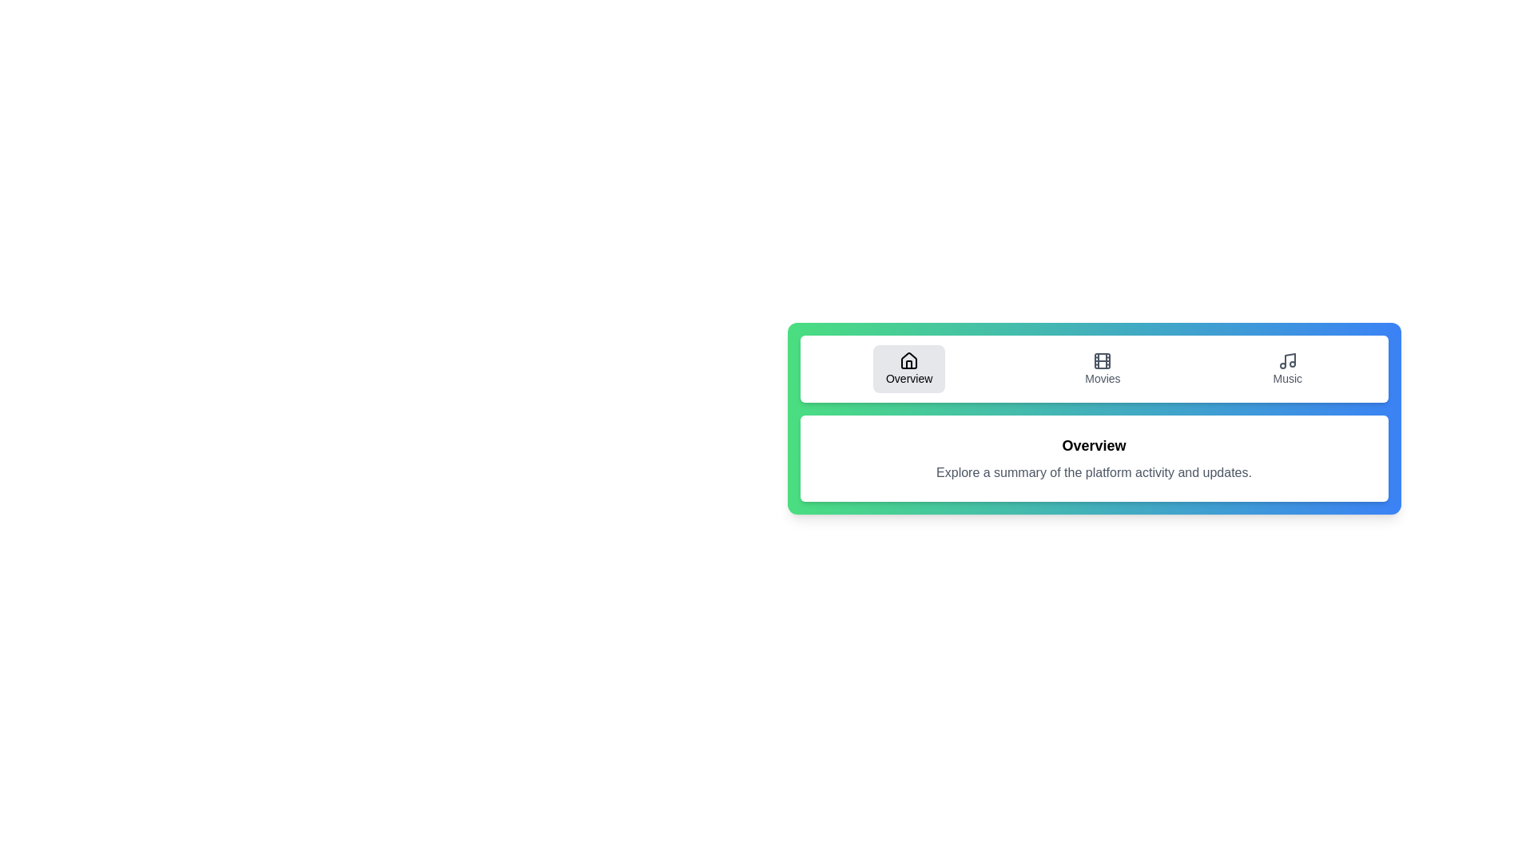 This screenshot has height=863, width=1534. What do you see at coordinates (1102, 369) in the screenshot?
I see `the tab with title Movies to observe its hover effect` at bounding box center [1102, 369].